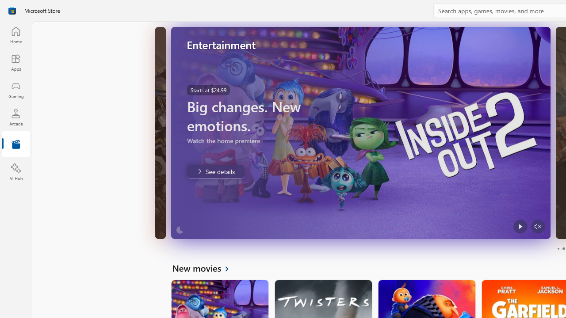 The height and width of the screenshot is (318, 566). Describe the element at coordinates (12, 11) in the screenshot. I see `'Class: Image'` at that location.